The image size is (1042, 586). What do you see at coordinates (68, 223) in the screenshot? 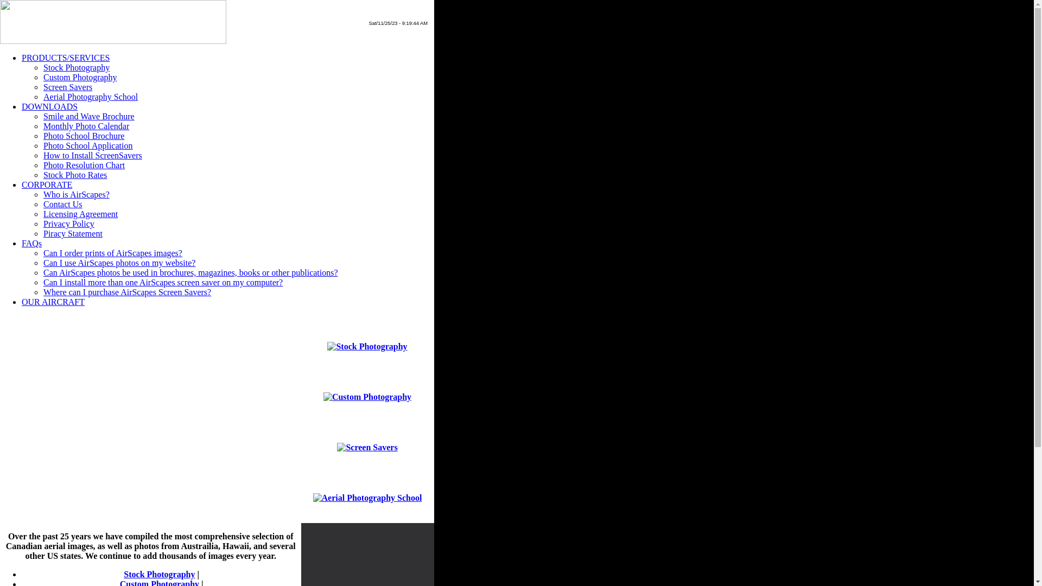
I see `'Privacy Policy'` at bounding box center [68, 223].